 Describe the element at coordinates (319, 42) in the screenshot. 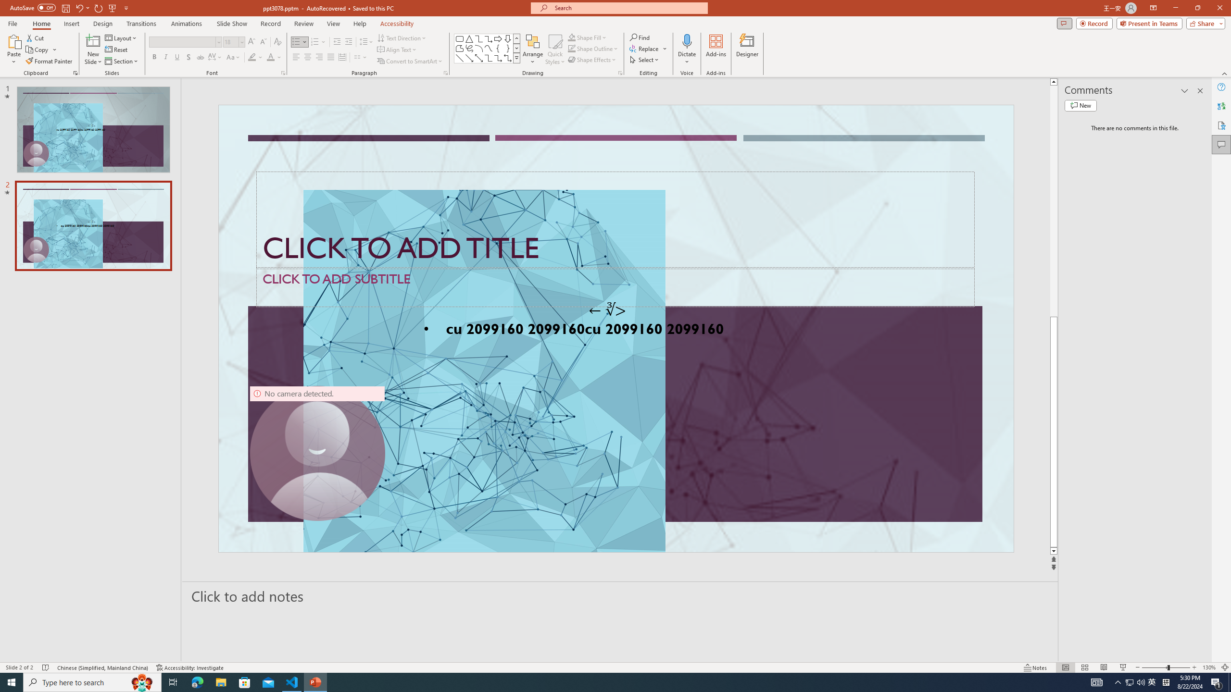

I see `'Numbering'` at that location.